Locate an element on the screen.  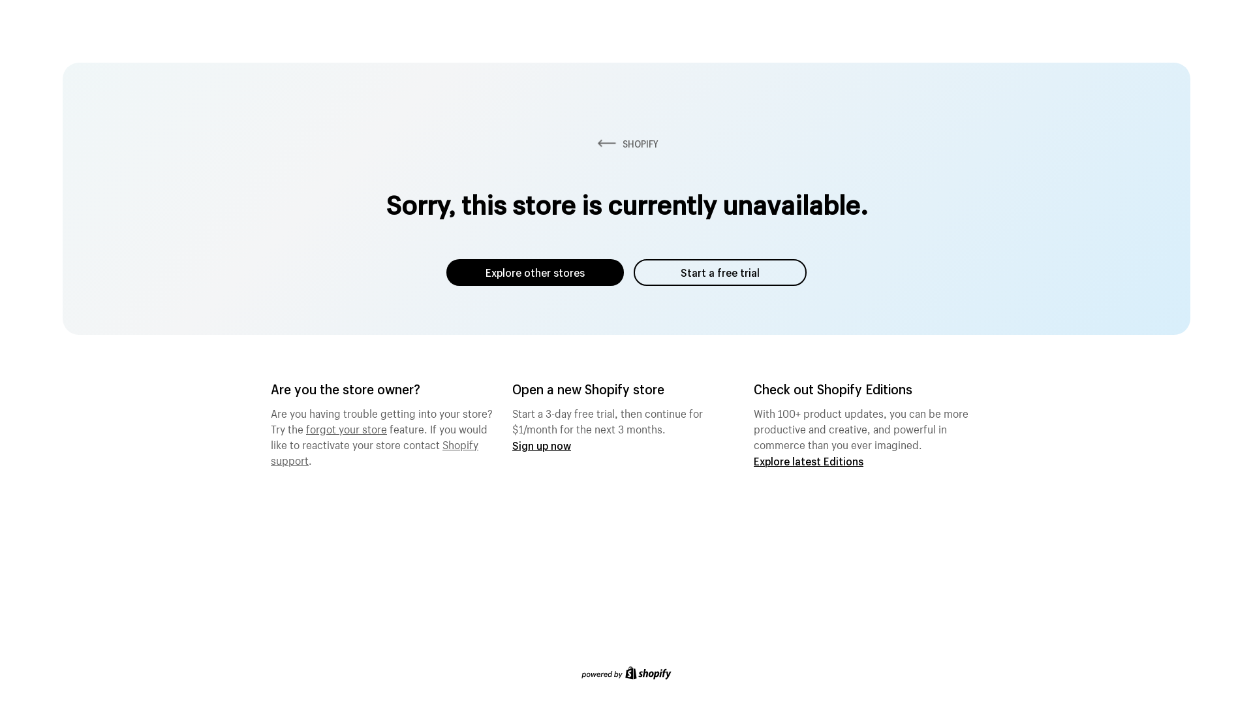
'Sign up now' is located at coordinates (542, 445).